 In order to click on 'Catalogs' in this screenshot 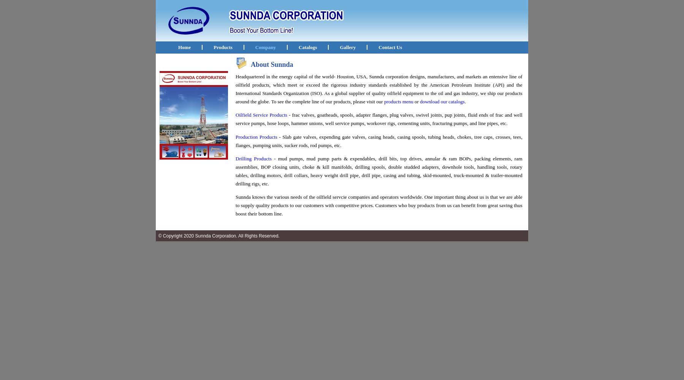, I will do `click(308, 47)`.